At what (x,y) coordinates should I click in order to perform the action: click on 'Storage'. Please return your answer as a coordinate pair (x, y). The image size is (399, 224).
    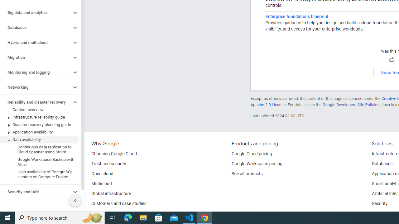
    Looking at the image, I should click on (35, 207).